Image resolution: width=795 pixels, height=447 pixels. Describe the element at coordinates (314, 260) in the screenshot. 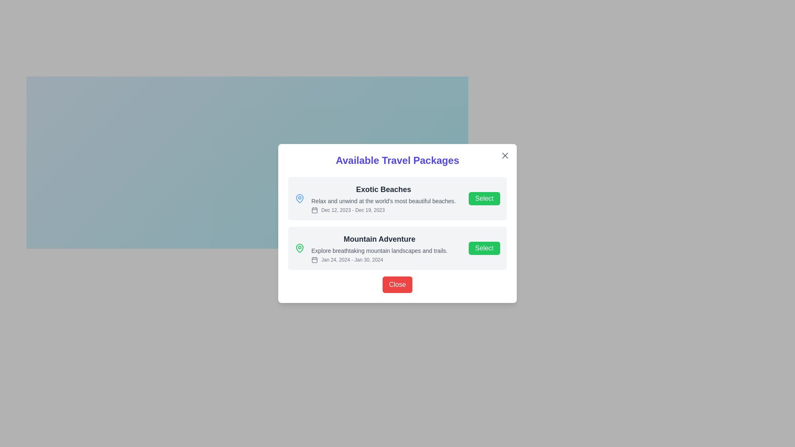

I see `the small calendar icon with a gray outline located to the left of the travel dates 'Jan 24, 2024 - Jan 30, 2024' in the 'Mountain Adventure' section` at that location.